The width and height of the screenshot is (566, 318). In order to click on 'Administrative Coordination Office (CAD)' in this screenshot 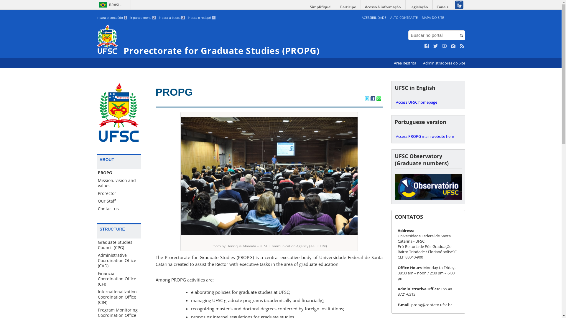, I will do `click(119, 260)`.